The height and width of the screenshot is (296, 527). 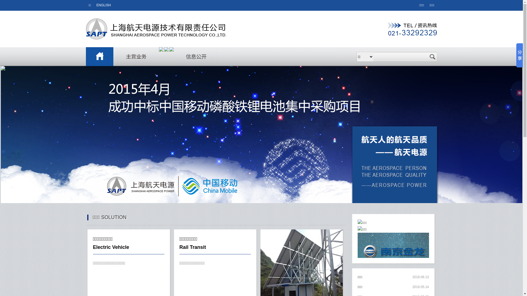 I want to click on 'ENGLISH', so click(x=103, y=5).